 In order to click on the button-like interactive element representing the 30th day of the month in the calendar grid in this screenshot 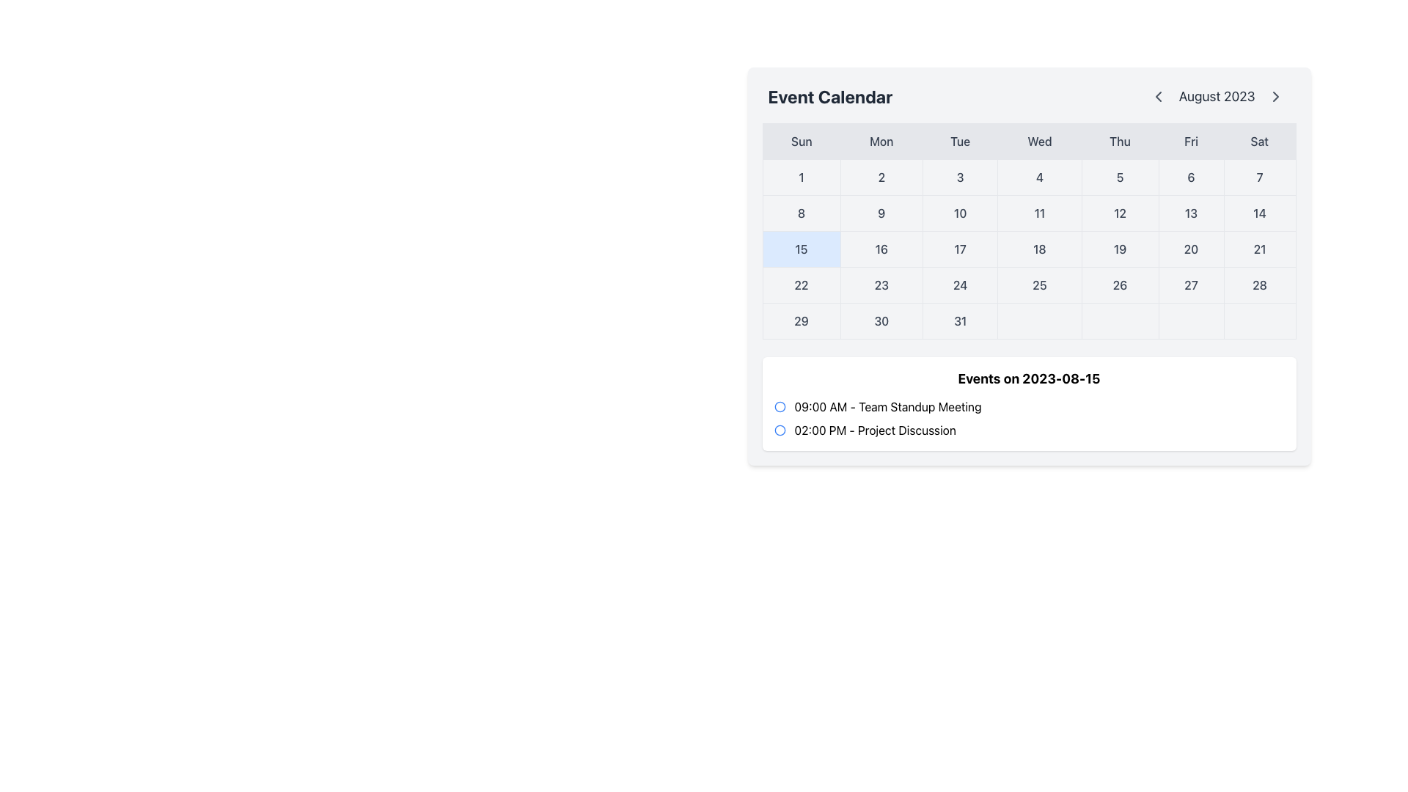, I will do `click(881, 320)`.